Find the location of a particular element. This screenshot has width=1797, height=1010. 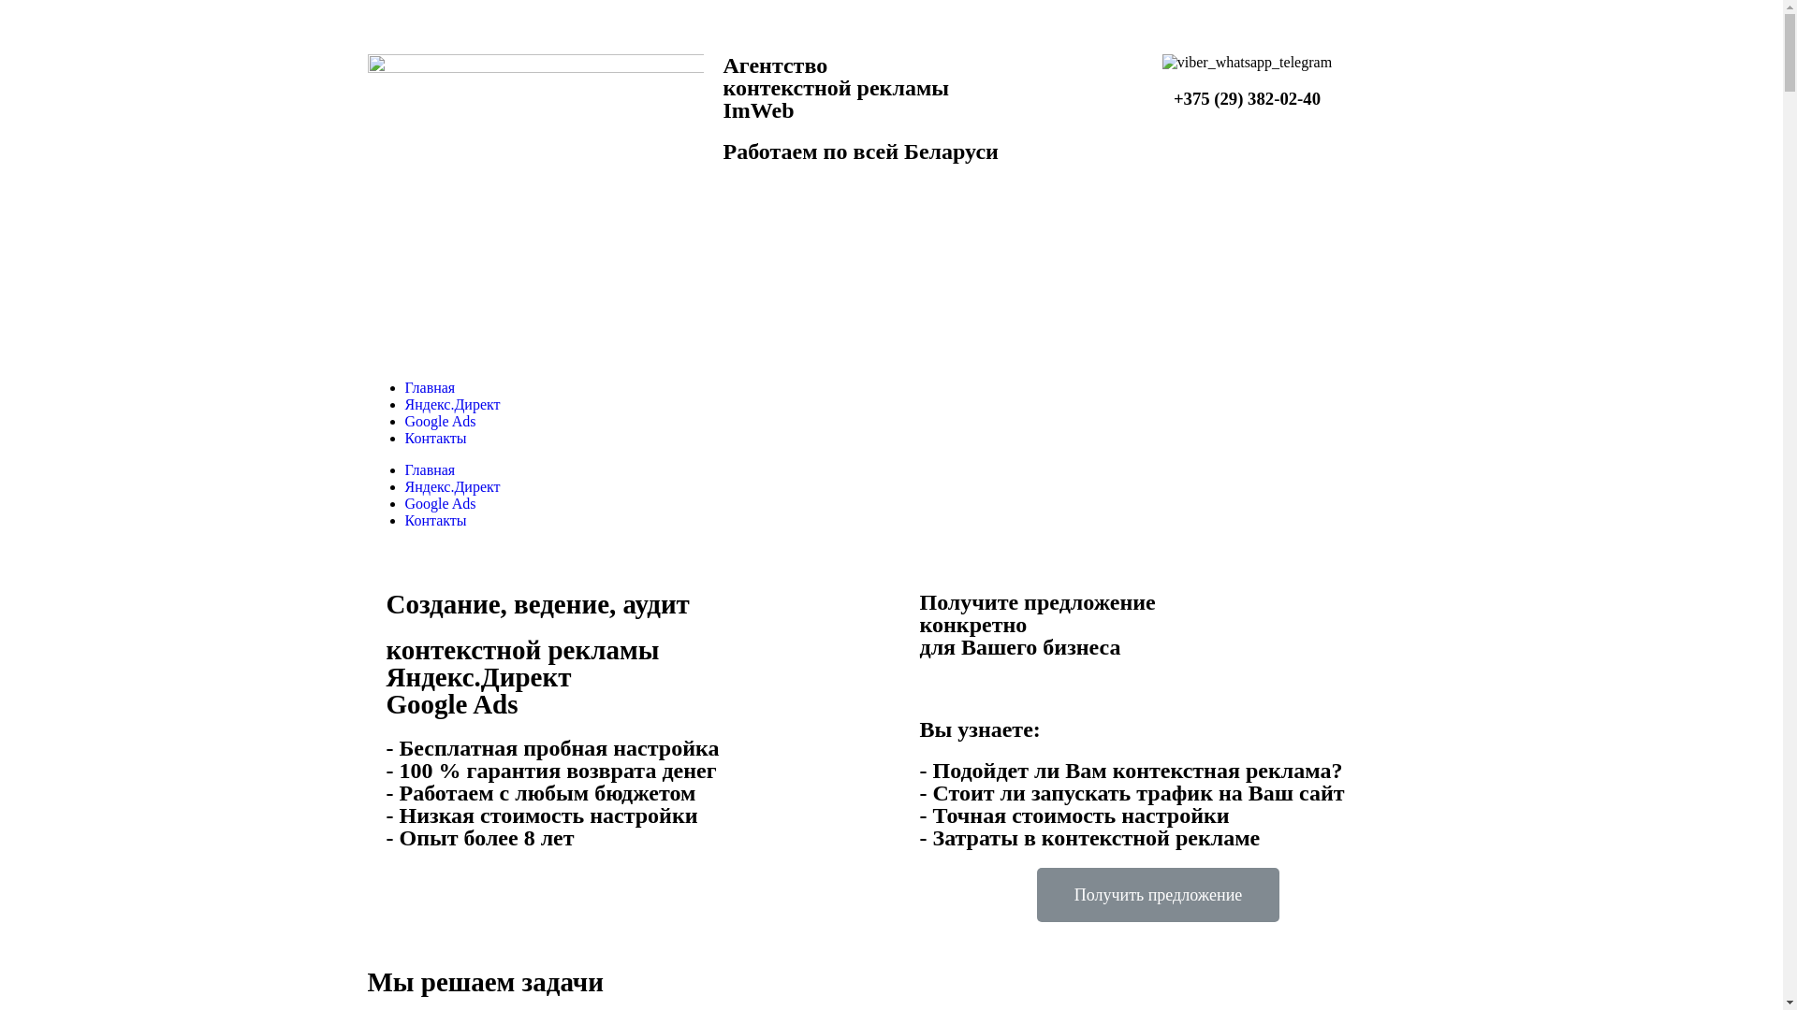

'+375 (29) 382-02-40' is located at coordinates (1172, 98).